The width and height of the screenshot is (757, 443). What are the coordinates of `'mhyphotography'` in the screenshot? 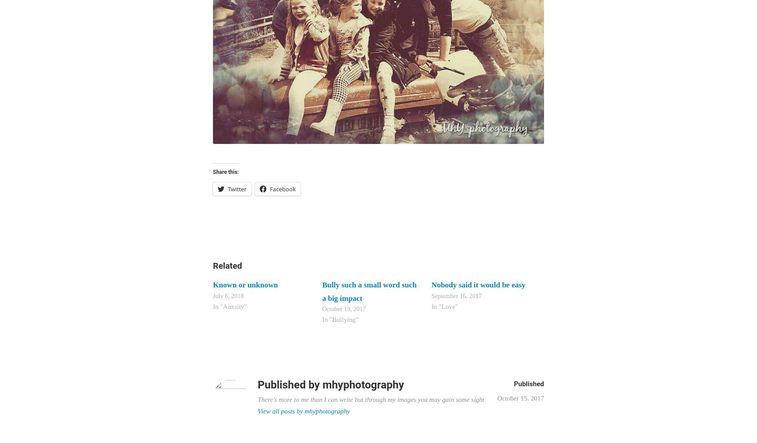 It's located at (363, 384).